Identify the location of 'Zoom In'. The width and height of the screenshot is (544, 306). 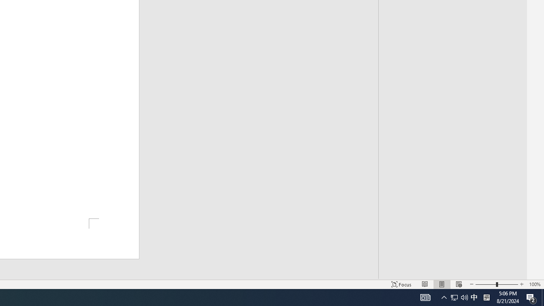
(521, 284).